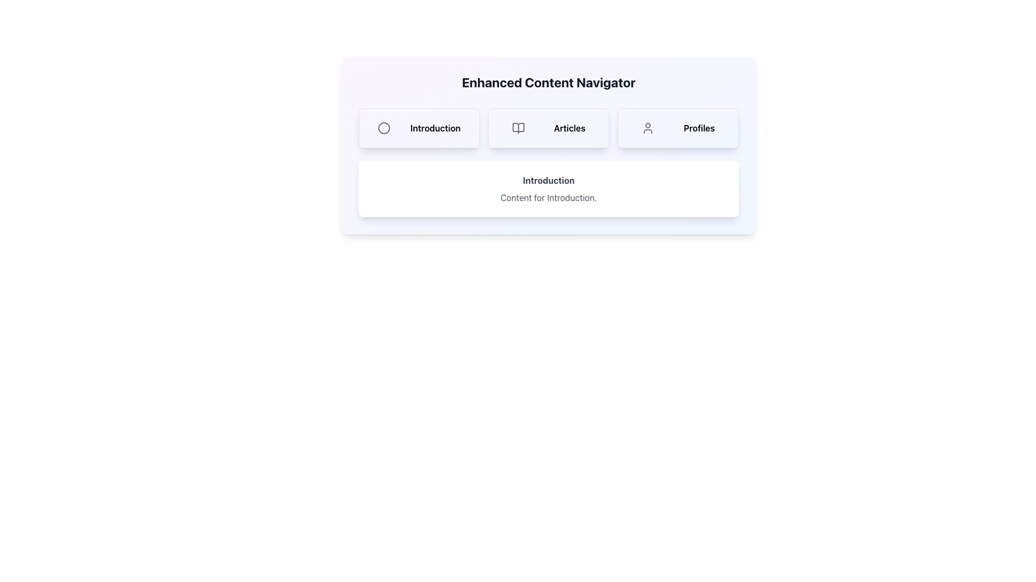  What do you see at coordinates (518, 128) in the screenshot?
I see `the 'Articles' icon located in the navigation bar` at bounding box center [518, 128].